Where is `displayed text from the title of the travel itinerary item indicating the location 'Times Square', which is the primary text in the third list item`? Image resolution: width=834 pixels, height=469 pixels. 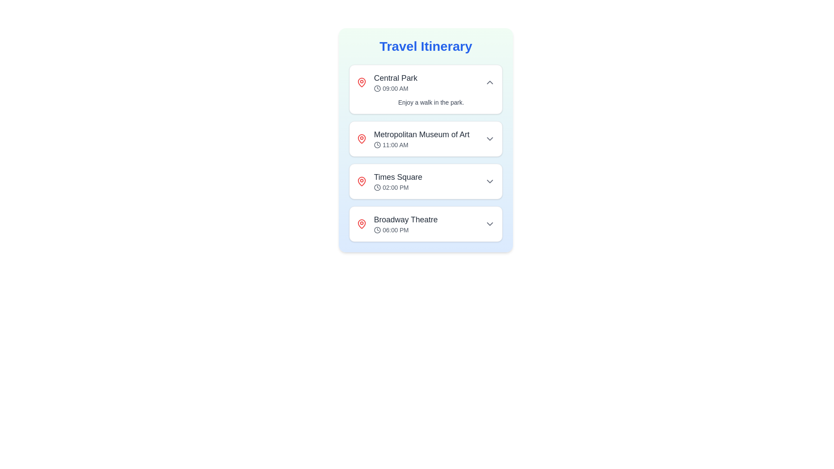
displayed text from the title of the travel itinerary item indicating the location 'Times Square', which is the primary text in the third list item is located at coordinates (397, 177).